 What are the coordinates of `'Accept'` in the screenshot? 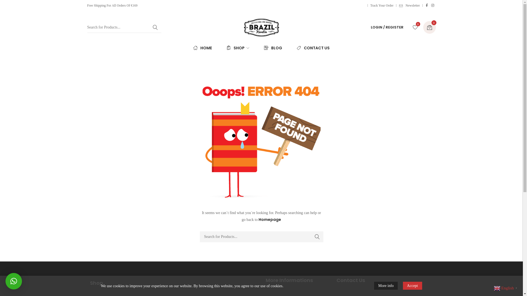 It's located at (403, 285).